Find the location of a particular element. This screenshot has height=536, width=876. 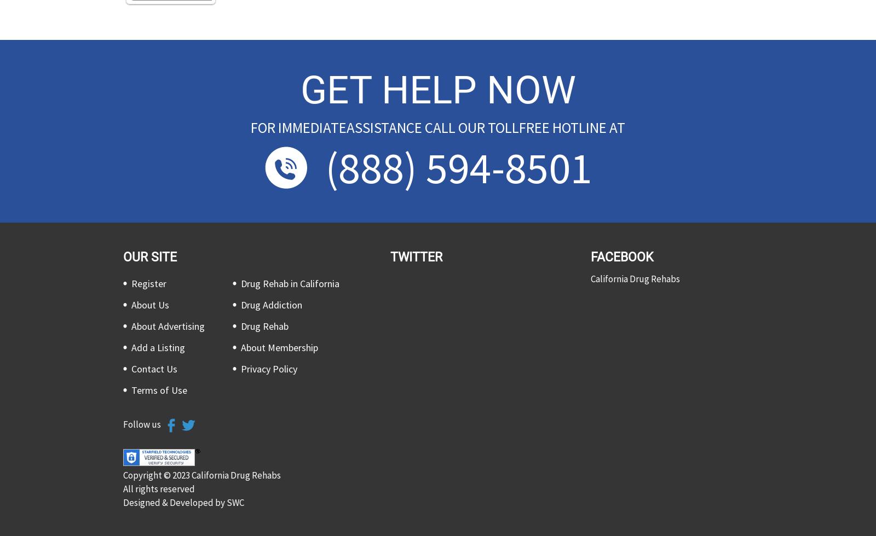

'All rights reserved' is located at coordinates (159, 488).